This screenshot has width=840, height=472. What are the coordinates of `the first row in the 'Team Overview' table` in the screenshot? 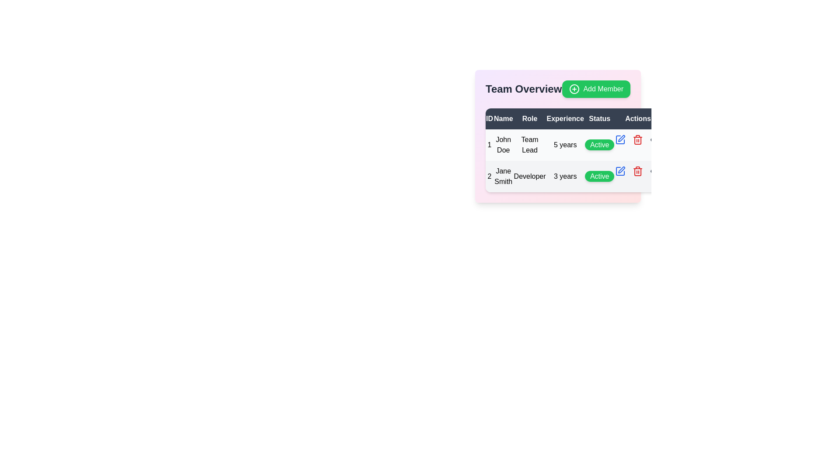 It's located at (573, 144).